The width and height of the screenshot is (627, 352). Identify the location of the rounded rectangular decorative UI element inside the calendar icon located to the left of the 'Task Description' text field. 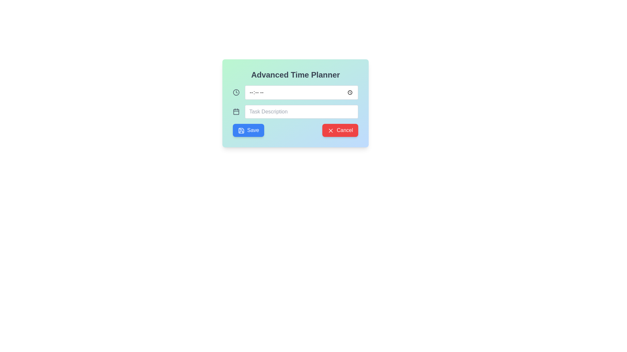
(236, 111).